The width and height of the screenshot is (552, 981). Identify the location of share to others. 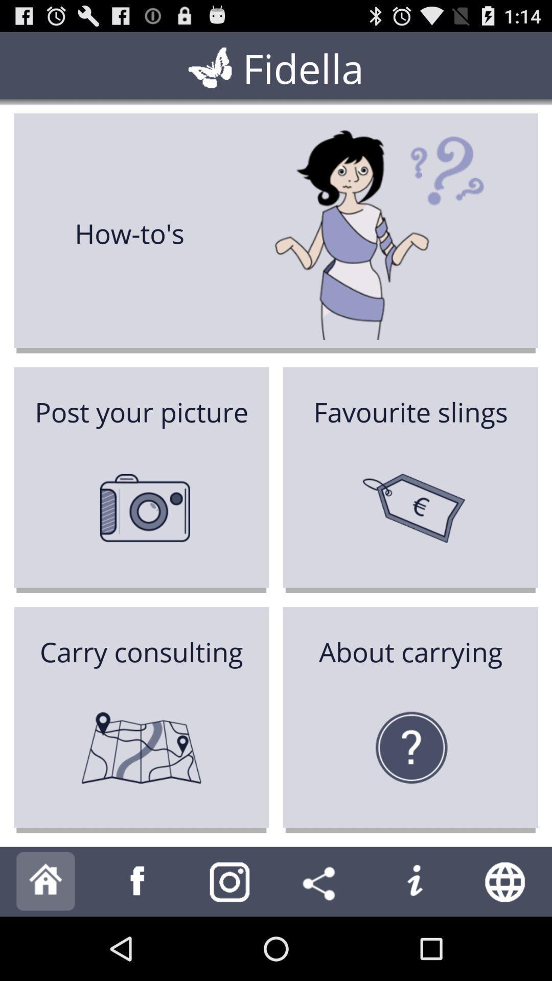
(321, 881).